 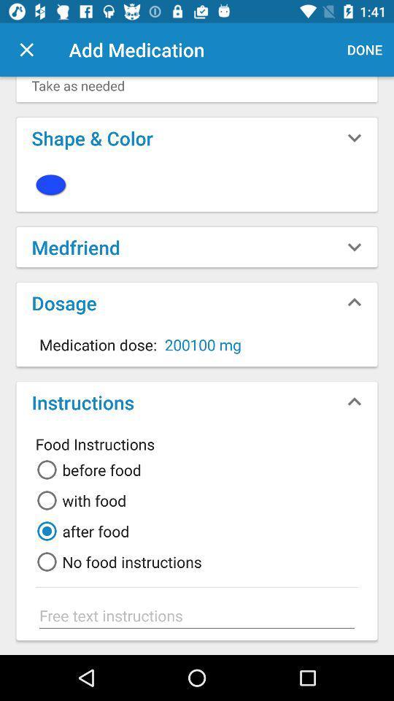 What do you see at coordinates (354, 137) in the screenshot?
I see `the button next to shape  color` at bounding box center [354, 137].